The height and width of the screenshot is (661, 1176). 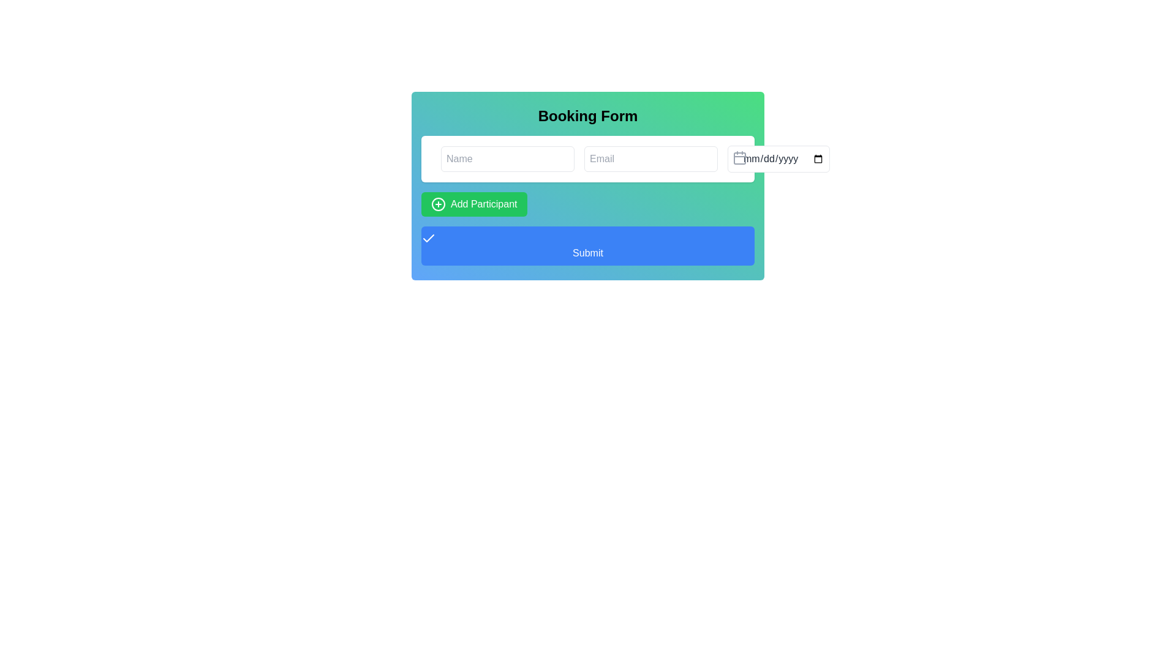 What do you see at coordinates (588, 245) in the screenshot?
I see `the 'Submit' button, which is a rectangular button with a blue background and white text, located below the 'Add Participant' button` at bounding box center [588, 245].